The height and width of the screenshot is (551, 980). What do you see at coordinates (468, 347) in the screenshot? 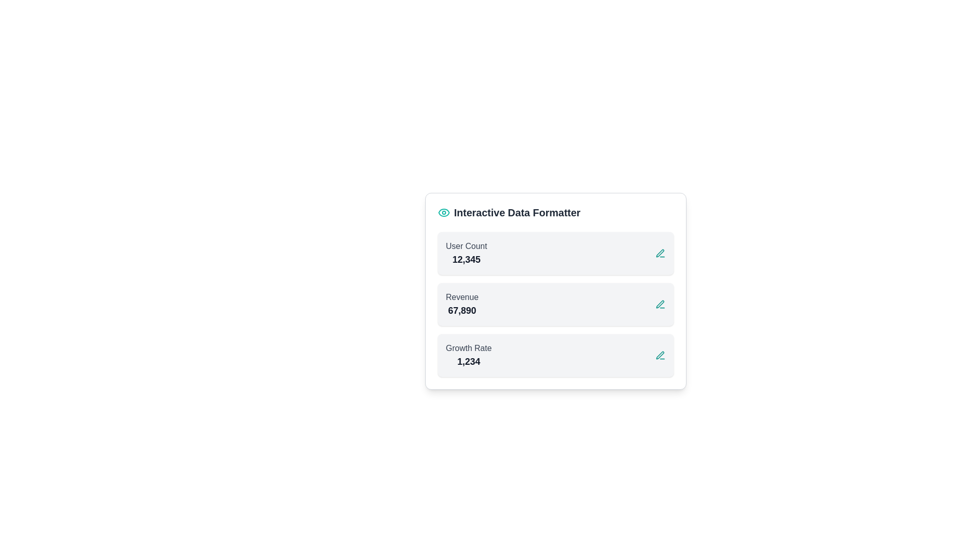
I see `the 'Growth Rate' text label, which is styled in gray font and positioned above the numerical value '1,234' within the 'Interactive Data Formatter' panel` at bounding box center [468, 347].